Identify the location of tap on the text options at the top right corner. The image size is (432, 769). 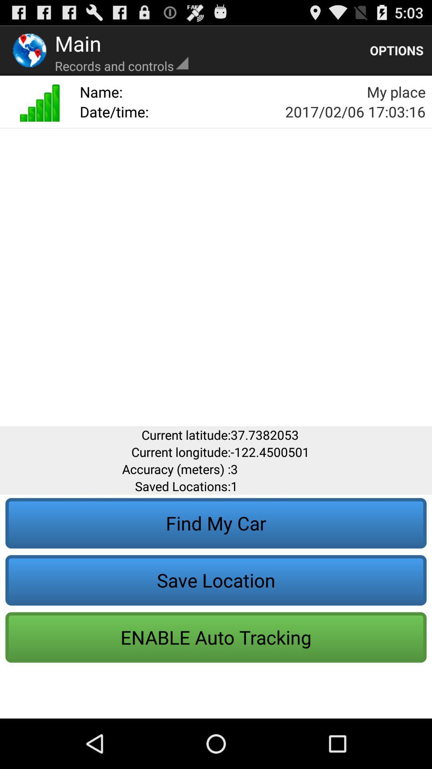
(396, 50).